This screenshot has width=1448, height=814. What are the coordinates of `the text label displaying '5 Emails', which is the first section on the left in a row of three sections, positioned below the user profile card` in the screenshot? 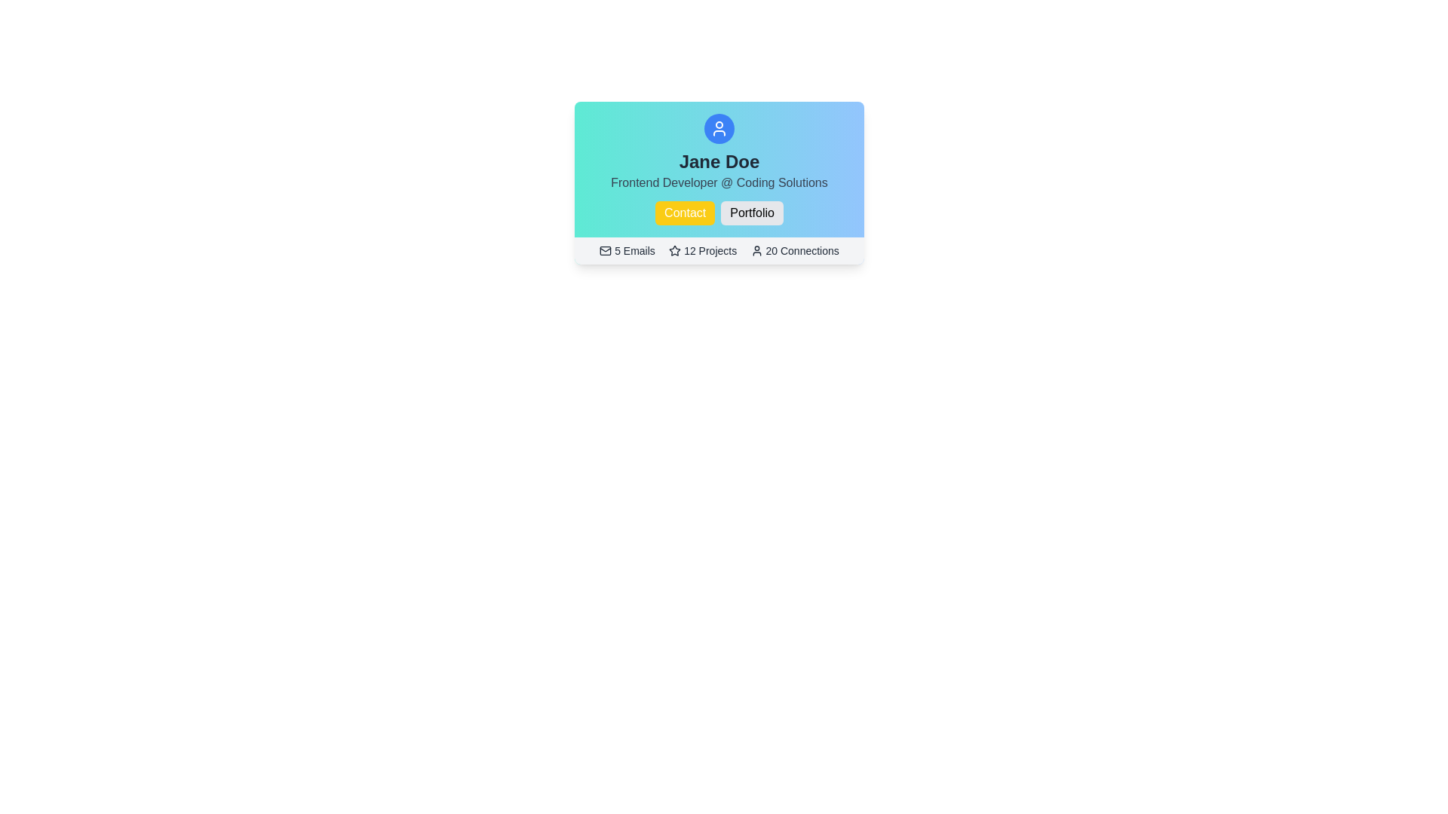 It's located at (627, 249).